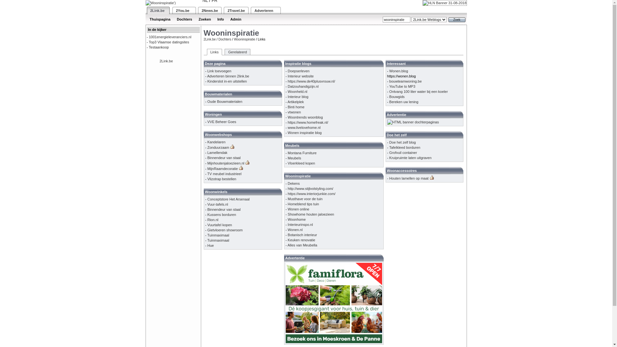  Describe the element at coordinates (301, 240) in the screenshot. I see `'Keuken renovatie'` at that location.